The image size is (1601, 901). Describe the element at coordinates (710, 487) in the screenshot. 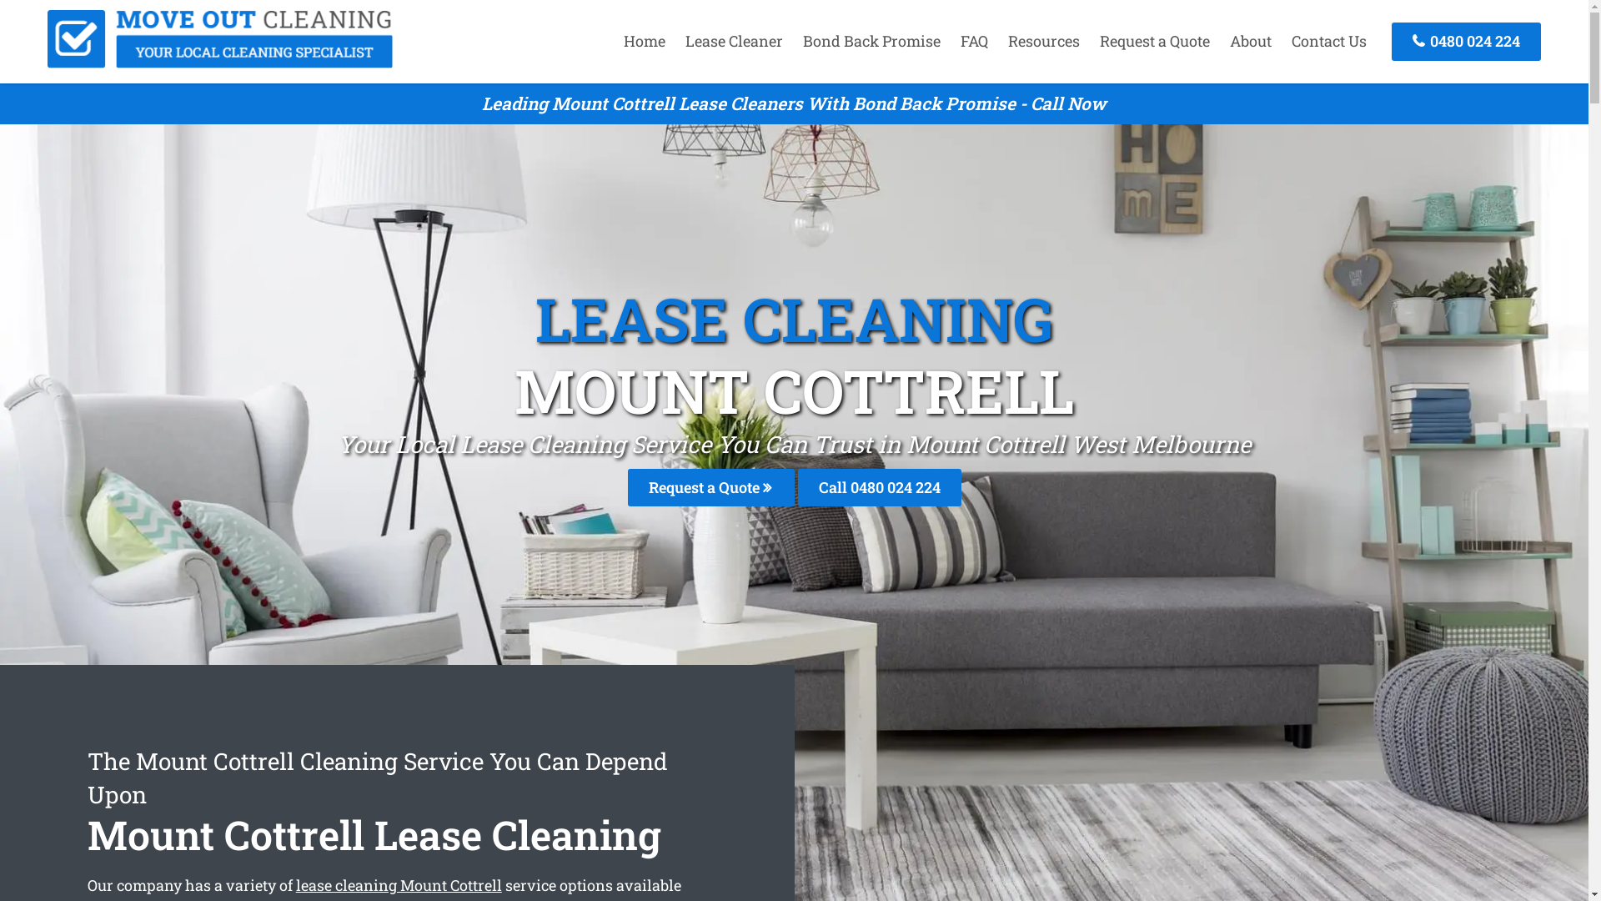

I see `'Request a Quote'` at that location.